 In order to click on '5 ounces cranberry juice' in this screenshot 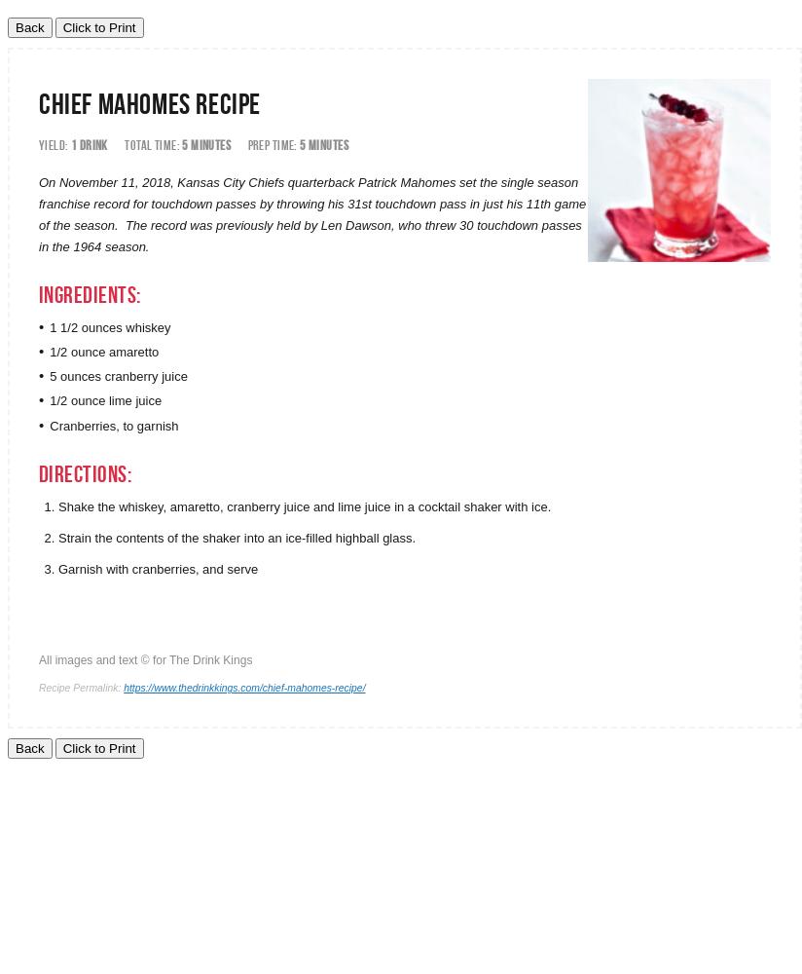, I will do `click(118, 376)`.